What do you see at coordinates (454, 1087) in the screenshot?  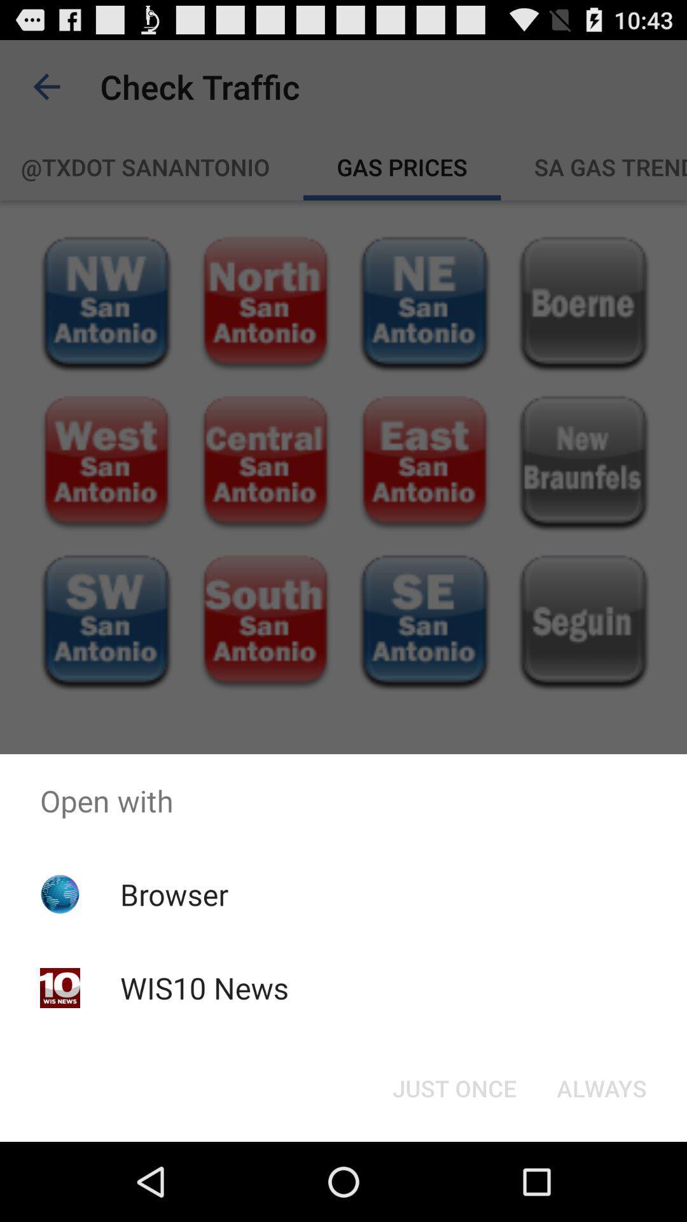 I see `just once icon` at bounding box center [454, 1087].